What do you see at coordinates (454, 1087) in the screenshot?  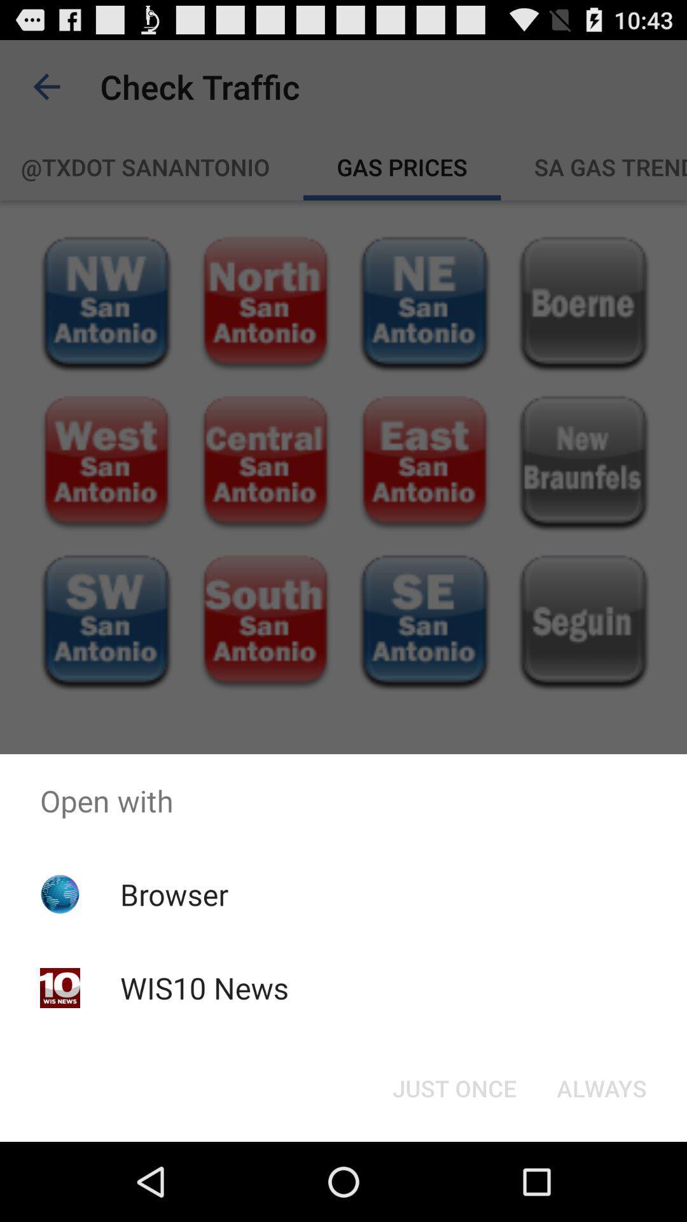 I see `just once icon` at bounding box center [454, 1087].